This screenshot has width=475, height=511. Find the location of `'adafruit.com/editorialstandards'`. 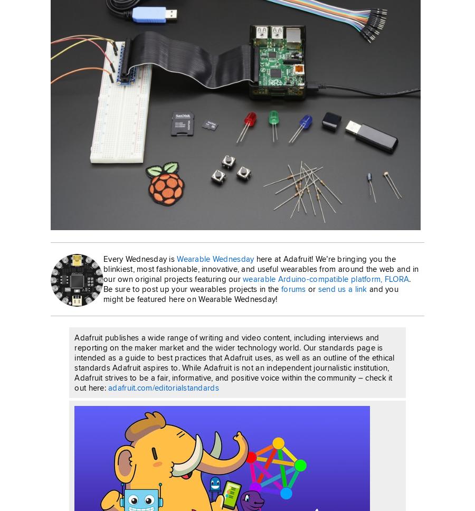

'adafruit.com/editorialstandards' is located at coordinates (108, 387).